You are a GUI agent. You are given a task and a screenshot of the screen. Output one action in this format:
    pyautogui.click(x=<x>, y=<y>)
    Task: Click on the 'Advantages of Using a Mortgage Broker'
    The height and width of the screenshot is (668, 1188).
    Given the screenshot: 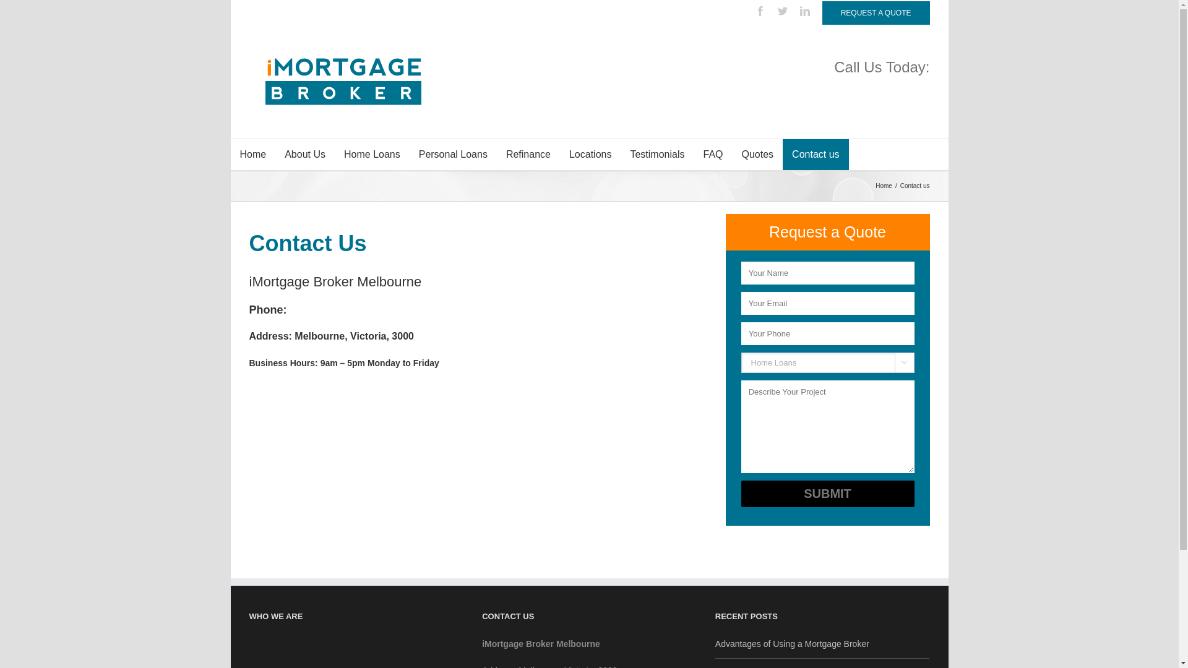 What is the action you would take?
    pyautogui.click(x=822, y=643)
    